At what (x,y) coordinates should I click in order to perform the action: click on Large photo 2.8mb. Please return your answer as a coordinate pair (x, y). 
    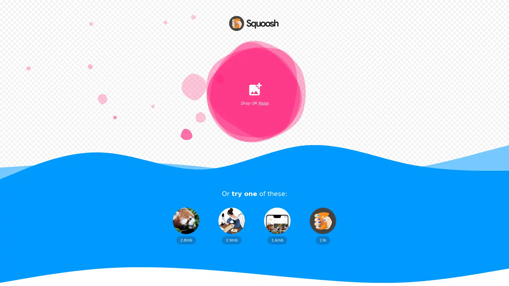
    Looking at the image, I should click on (186, 226).